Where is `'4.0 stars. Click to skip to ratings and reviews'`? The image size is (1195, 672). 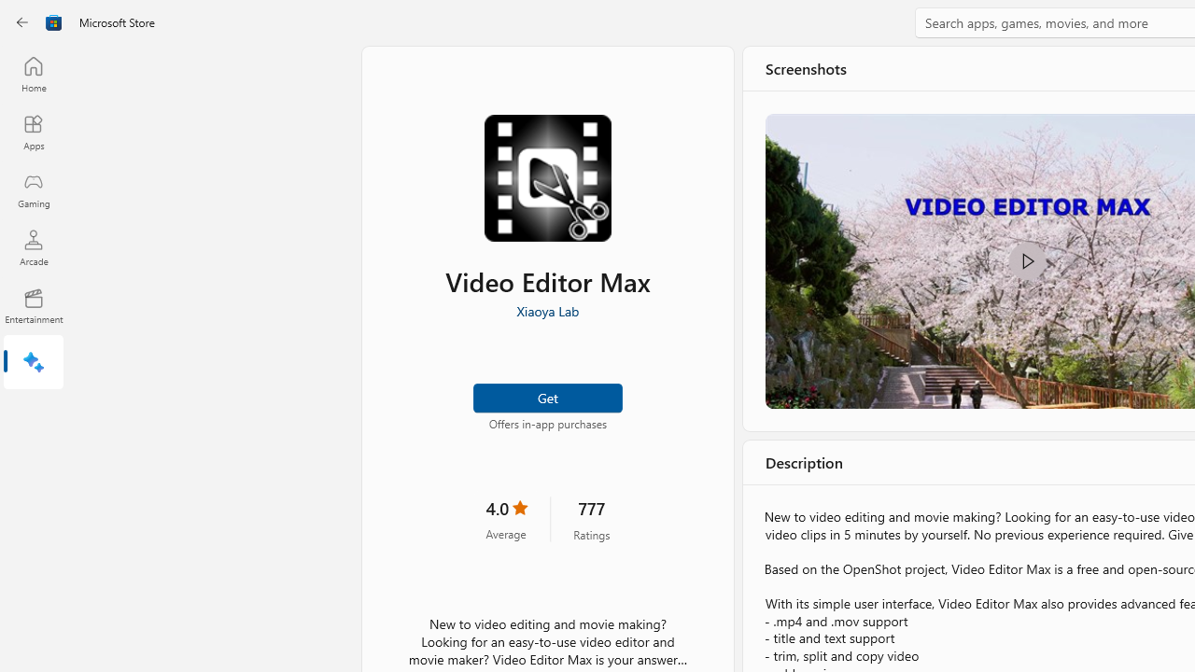
'4.0 stars. Click to skip to ratings and reviews' is located at coordinates (506, 519).